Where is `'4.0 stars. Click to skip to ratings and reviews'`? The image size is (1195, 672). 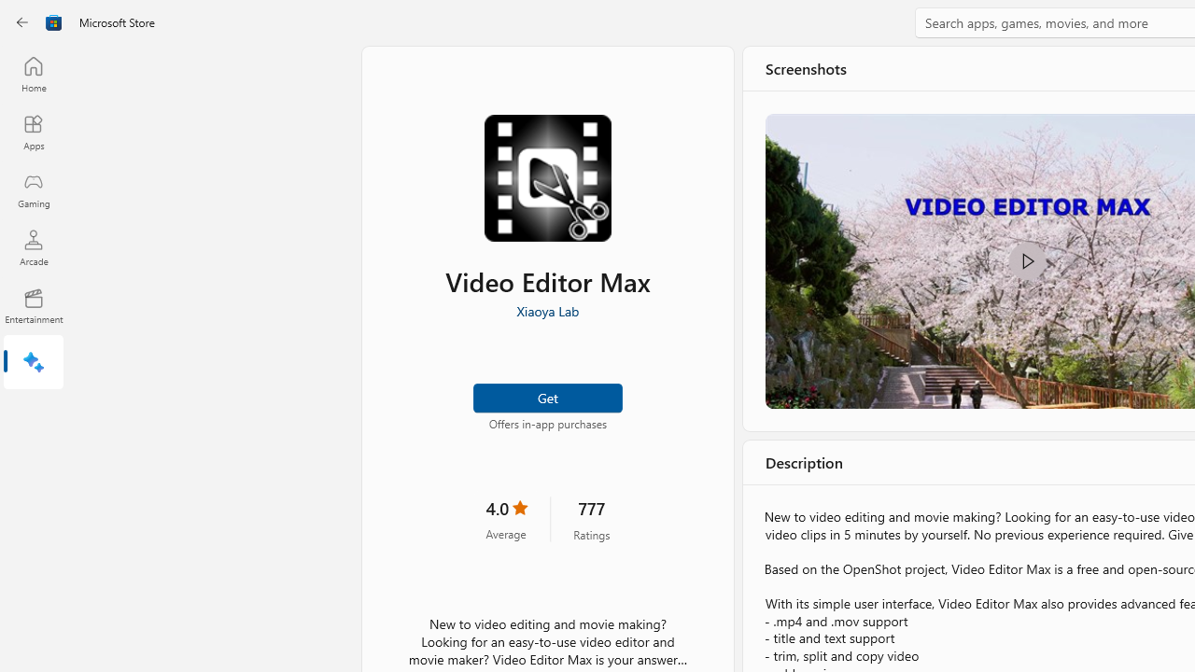
'4.0 stars. Click to skip to ratings and reviews' is located at coordinates (506, 519).